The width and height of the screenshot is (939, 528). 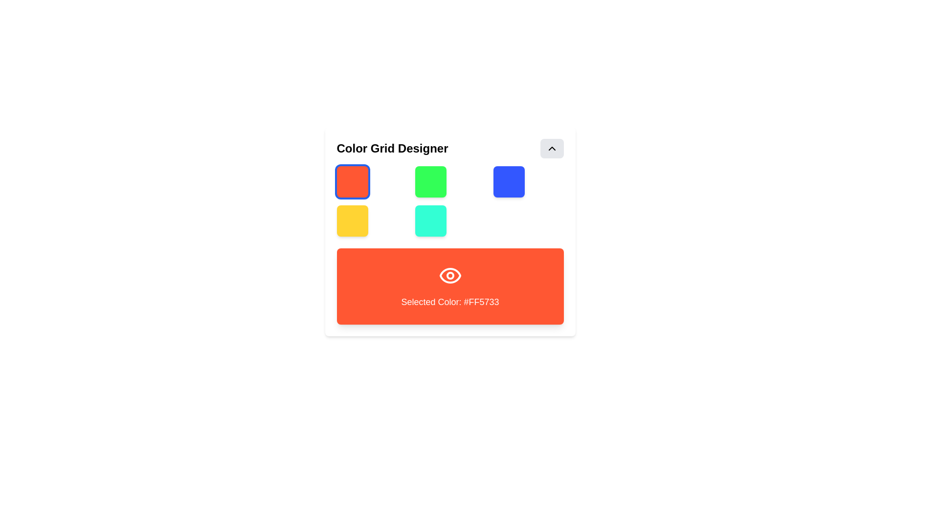 What do you see at coordinates (449, 275) in the screenshot?
I see `the outer elliptical contour of the eye-shaped icon located in the central-bottom region of the window` at bounding box center [449, 275].